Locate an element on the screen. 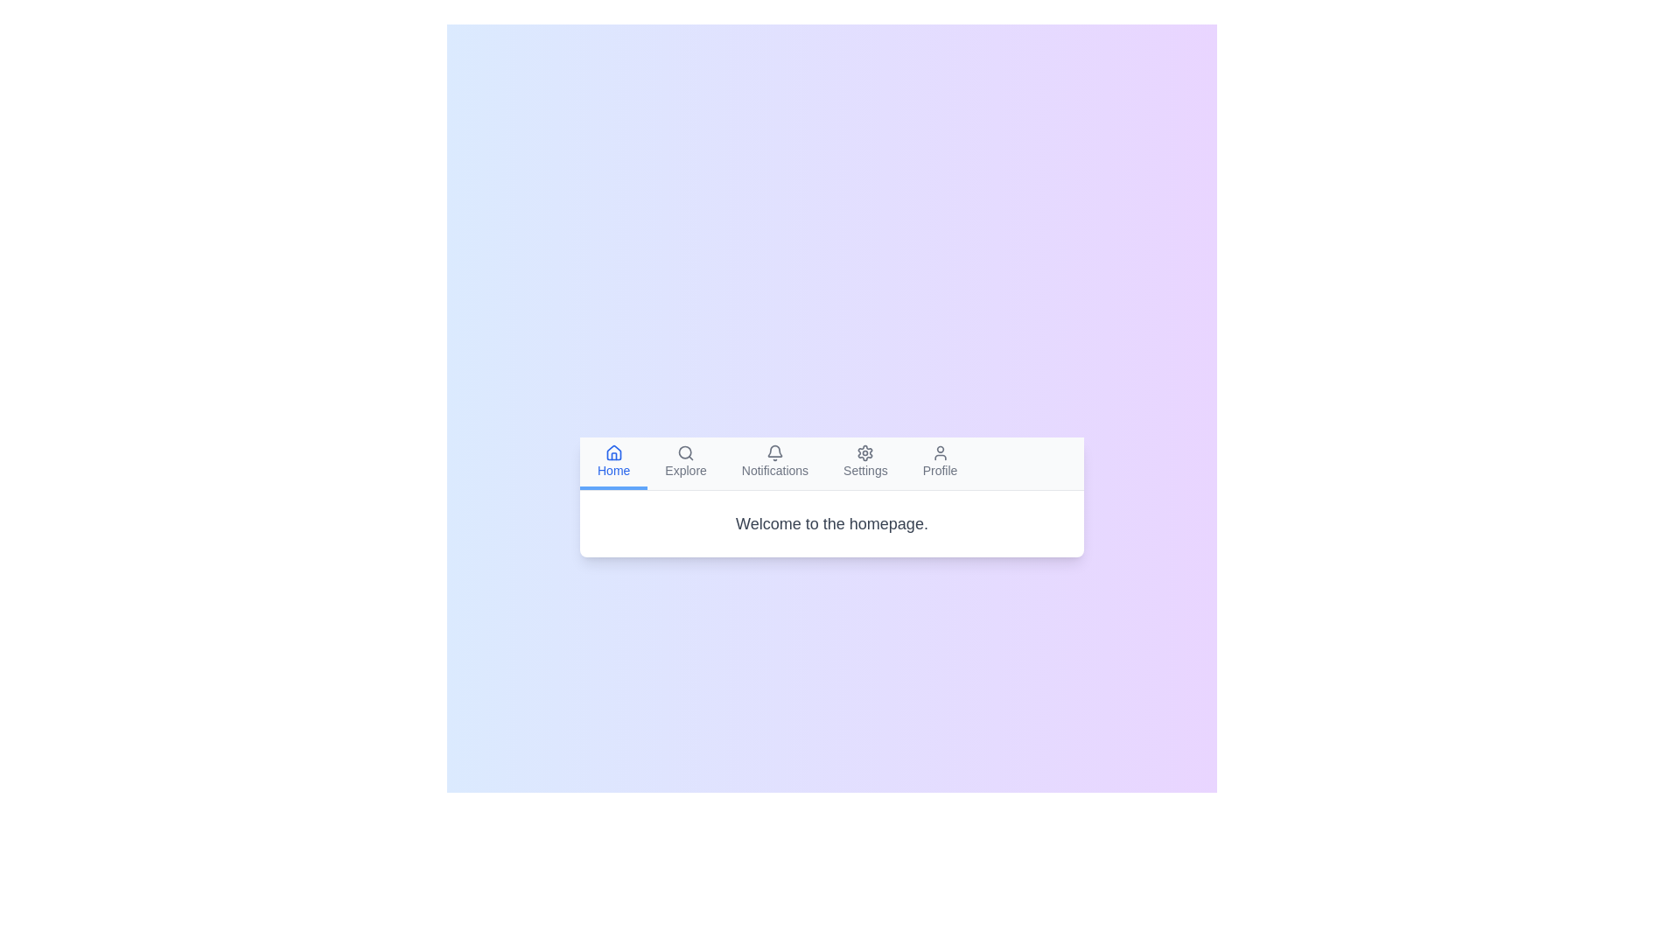 Image resolution: width=1680 pixels, height=945 pixels. the tab labeled Profile to select it is located at coordinates (939, 462).